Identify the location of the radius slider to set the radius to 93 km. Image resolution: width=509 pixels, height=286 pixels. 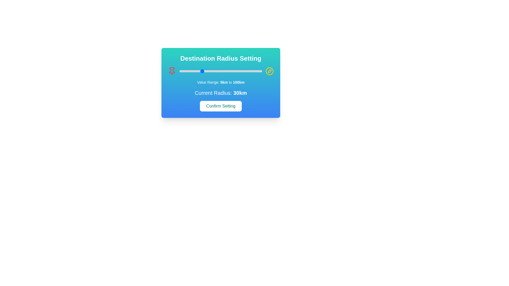
(256, 71).